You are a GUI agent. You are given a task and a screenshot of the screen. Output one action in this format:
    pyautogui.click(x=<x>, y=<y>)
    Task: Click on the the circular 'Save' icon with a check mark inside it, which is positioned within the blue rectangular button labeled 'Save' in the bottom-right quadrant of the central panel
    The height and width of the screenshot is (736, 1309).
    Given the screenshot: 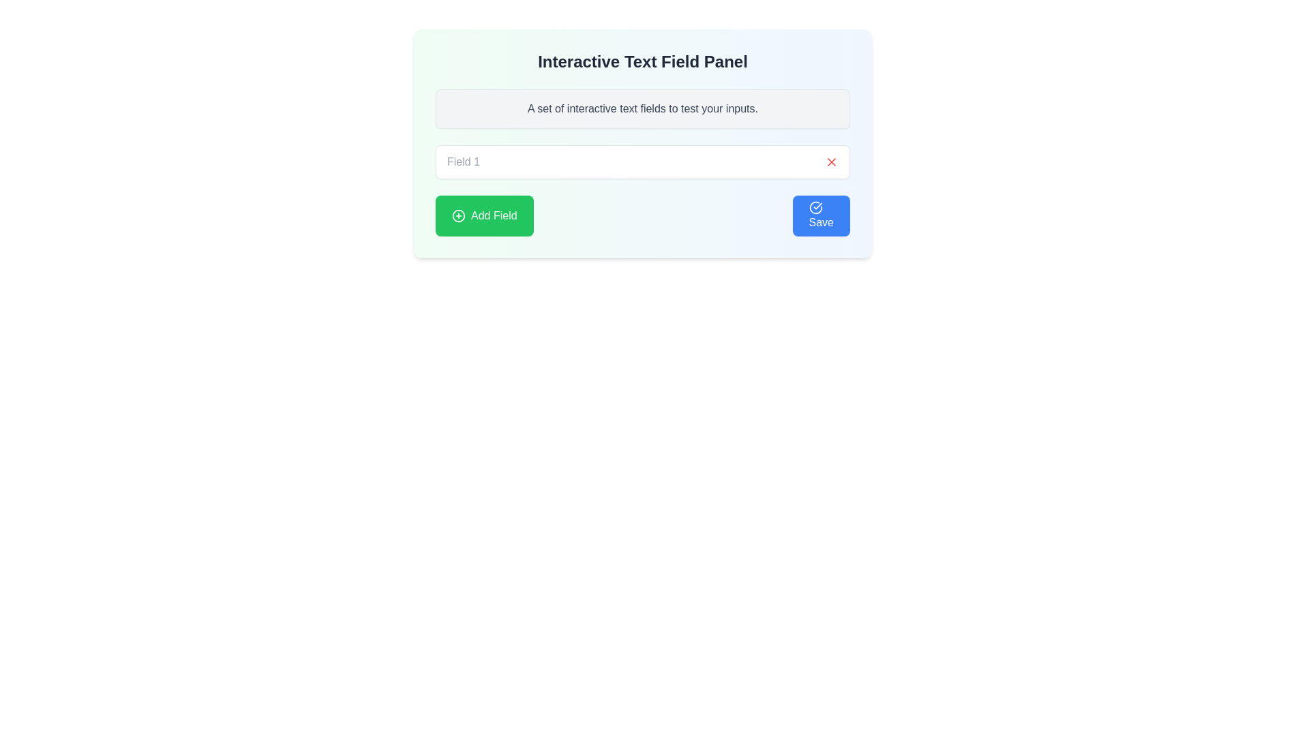 What is the action you would take?
    pyautogui.click(x=815, y=207)
    